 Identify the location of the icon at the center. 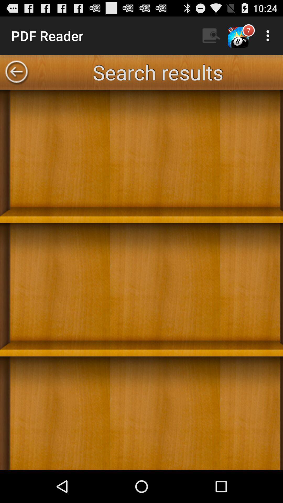
(141, 279).